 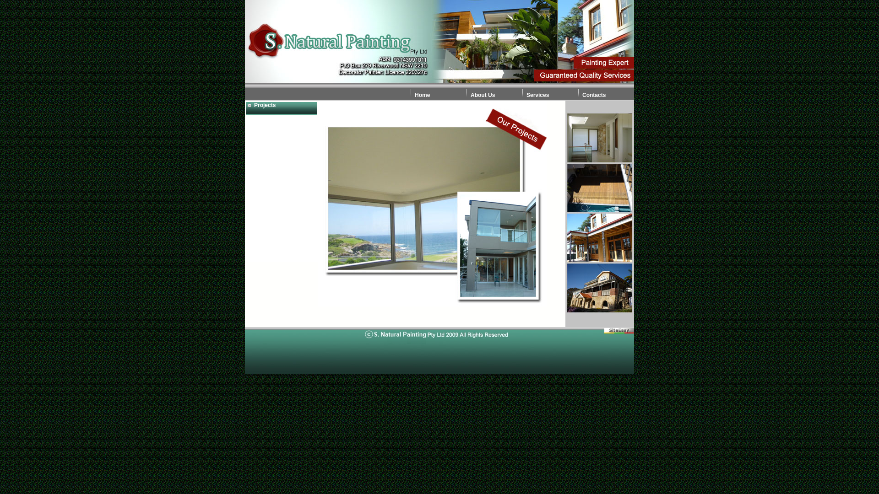 What do you see at coordinates (422, 95) in the screenshot?
I see `'Home'` at bounding box center [422, 95].